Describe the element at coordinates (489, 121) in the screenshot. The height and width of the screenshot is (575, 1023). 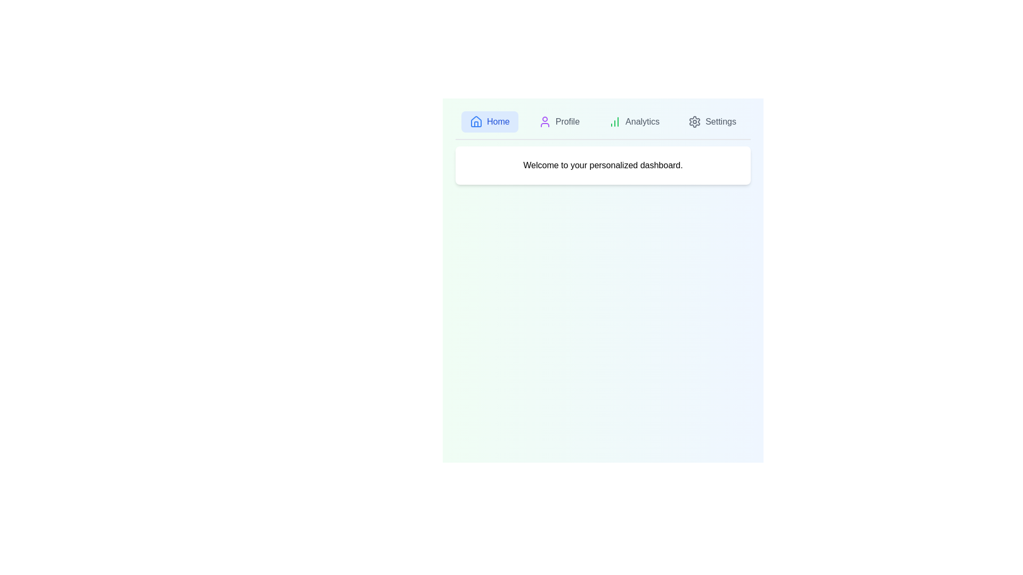
I see `the tab labeled Home by clicking on its icon` at that location.